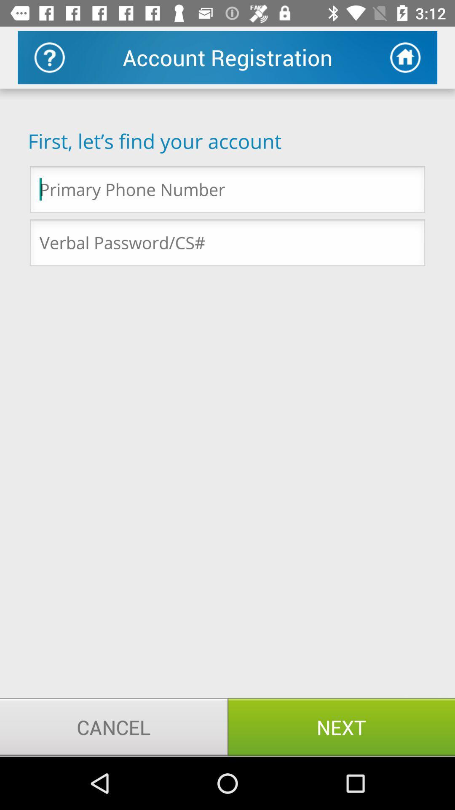  Describe the element at coordinates (341, 726) in the screenshot. I see `the next item` at that location.